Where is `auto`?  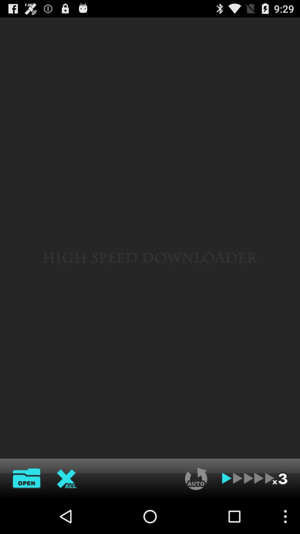
auto is located at coordinates (196, 478).